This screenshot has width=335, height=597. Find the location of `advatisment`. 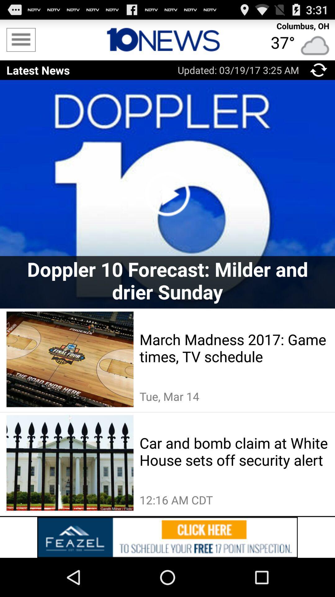

advatisment is located at coordinates (167, 537).